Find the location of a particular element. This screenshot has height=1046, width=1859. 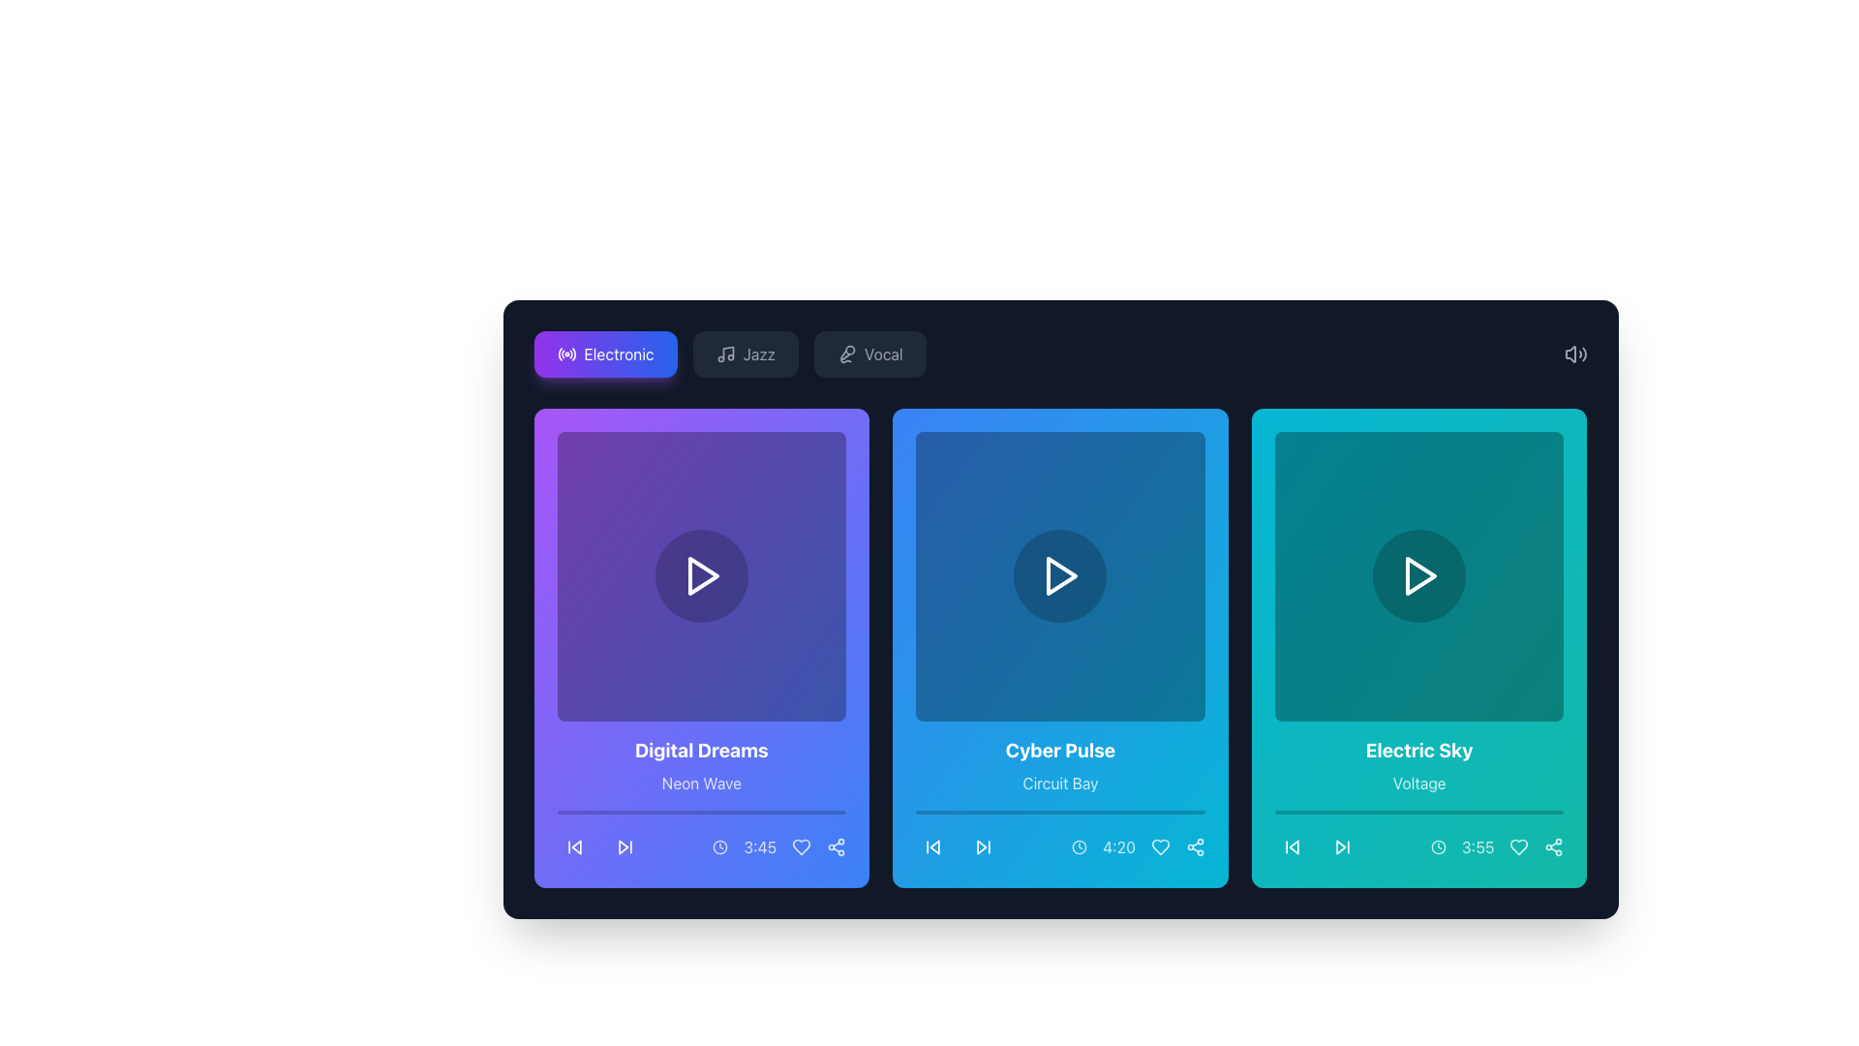

the Music track card displaying details of a music track titled 'Digital Dreams' located in the bottom section of the purple gradient card is located at coordinates (700, 800).